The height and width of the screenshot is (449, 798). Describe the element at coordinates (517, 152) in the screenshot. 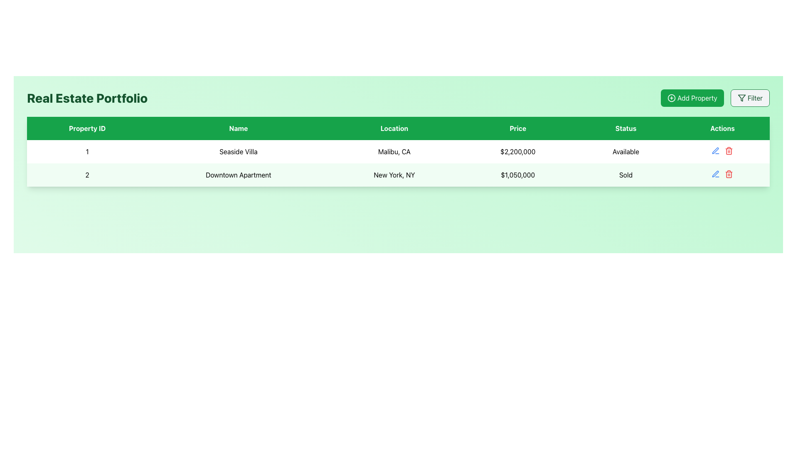

I see `the listing price text for the property 'Seaside Villa' in the real estate portfolio interface` at that location.